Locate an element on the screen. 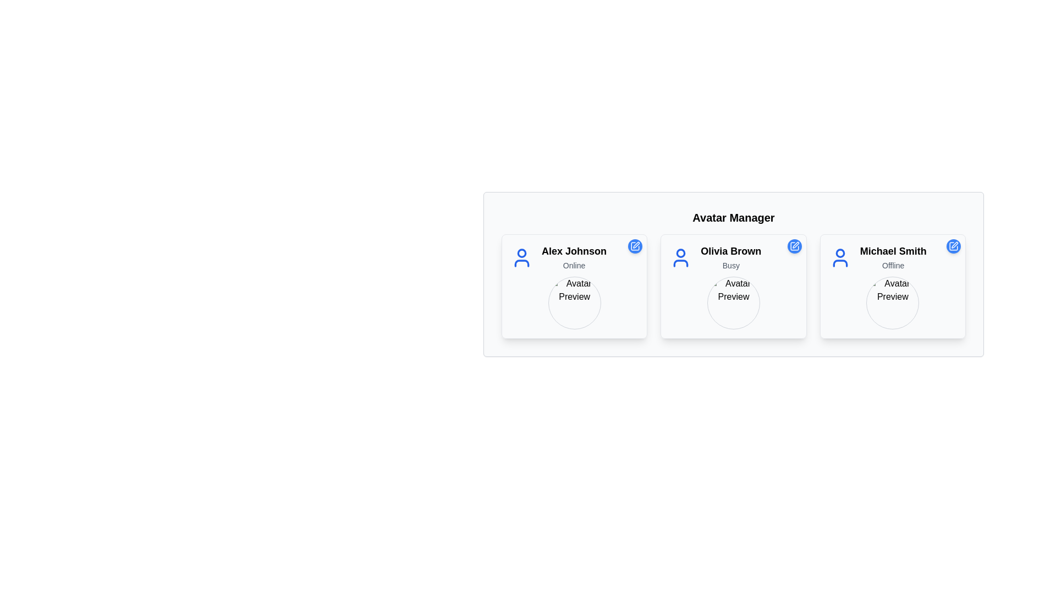 The width and height of the screenshot is (1056, 594). the vector graphic part of the pen icon used for editing within the card interface for user 'Alex Johnson' is located at coordinates (636, 244).